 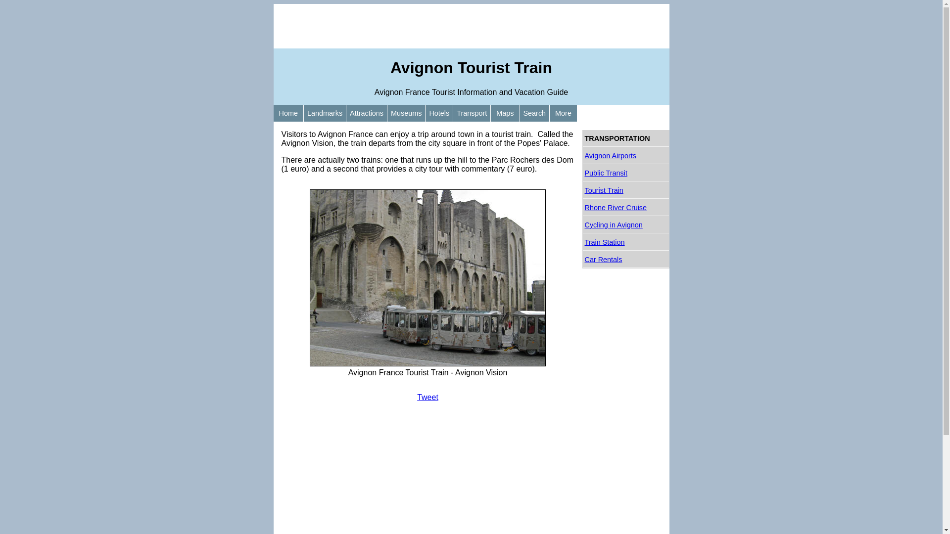 I want to click on 'Attractions', so click(x=366, y=112).